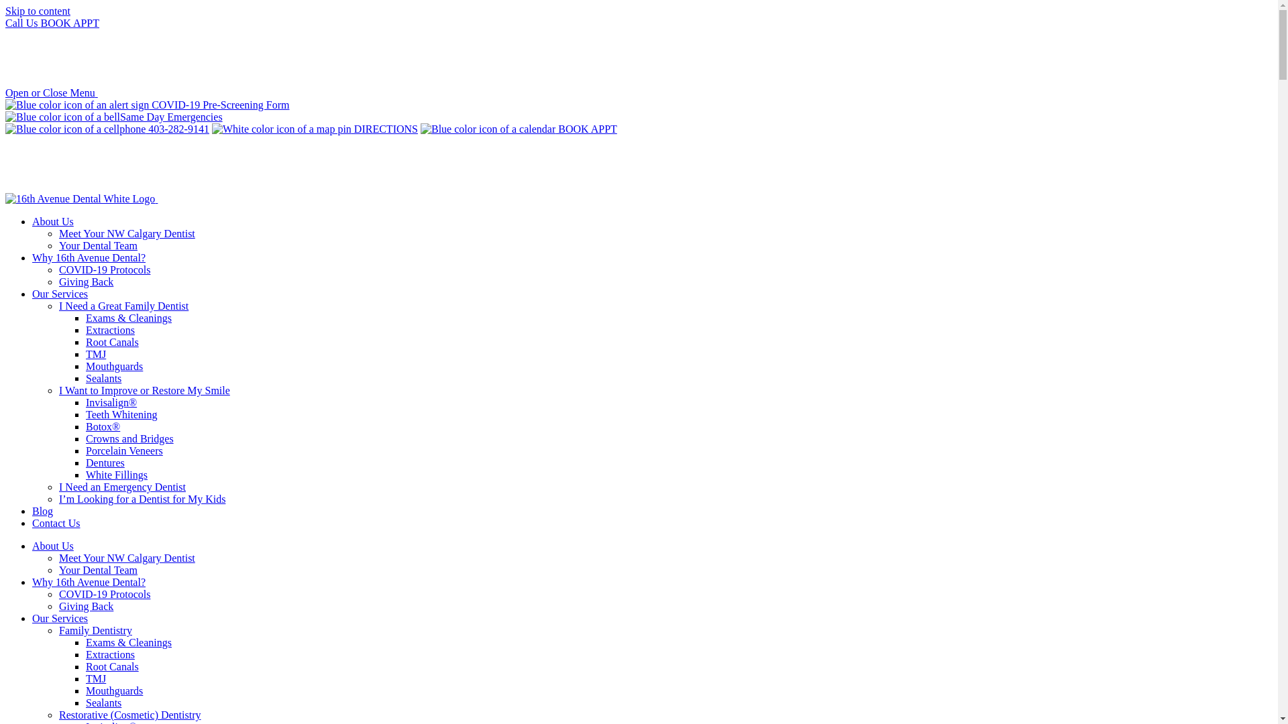 This screenshot has width=1288, height=724. Describe the element at coordinates (106, 129) in the screenshot. I see `'403-282-9141'` at that location.